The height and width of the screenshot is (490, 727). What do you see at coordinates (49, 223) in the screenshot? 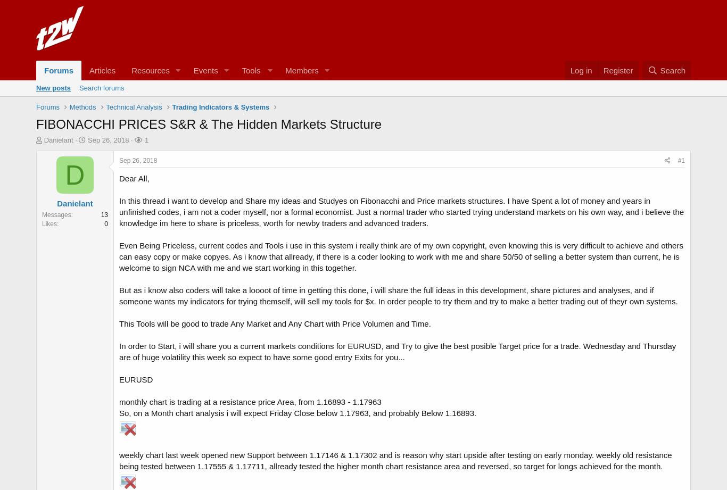
I see `'Likes'` at bounding box center [49, 223].